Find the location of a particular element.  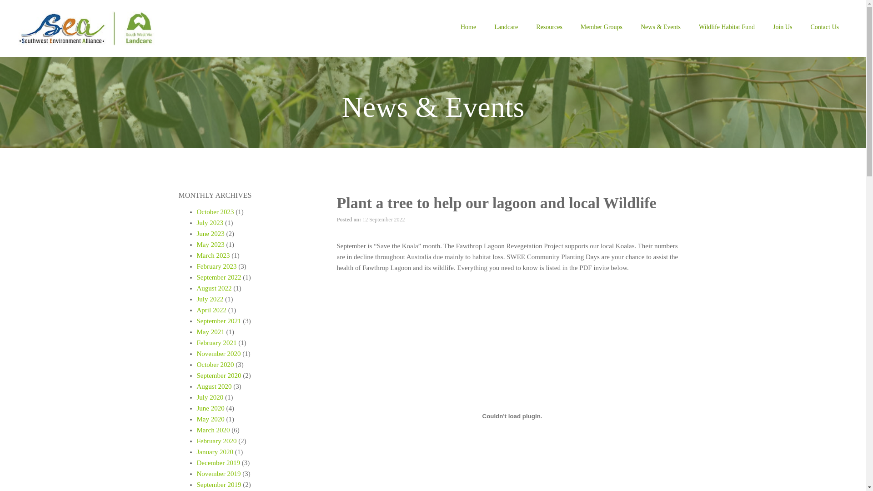

'September 2020' is located at coordinates (196, 375).